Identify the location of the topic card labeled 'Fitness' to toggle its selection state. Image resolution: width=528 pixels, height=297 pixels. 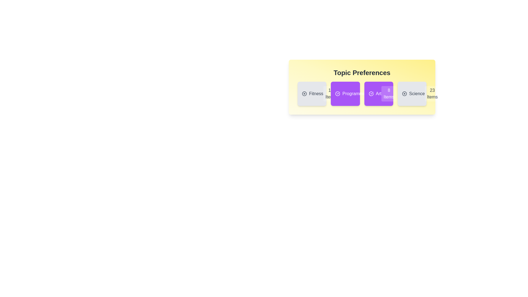
(312, 93).